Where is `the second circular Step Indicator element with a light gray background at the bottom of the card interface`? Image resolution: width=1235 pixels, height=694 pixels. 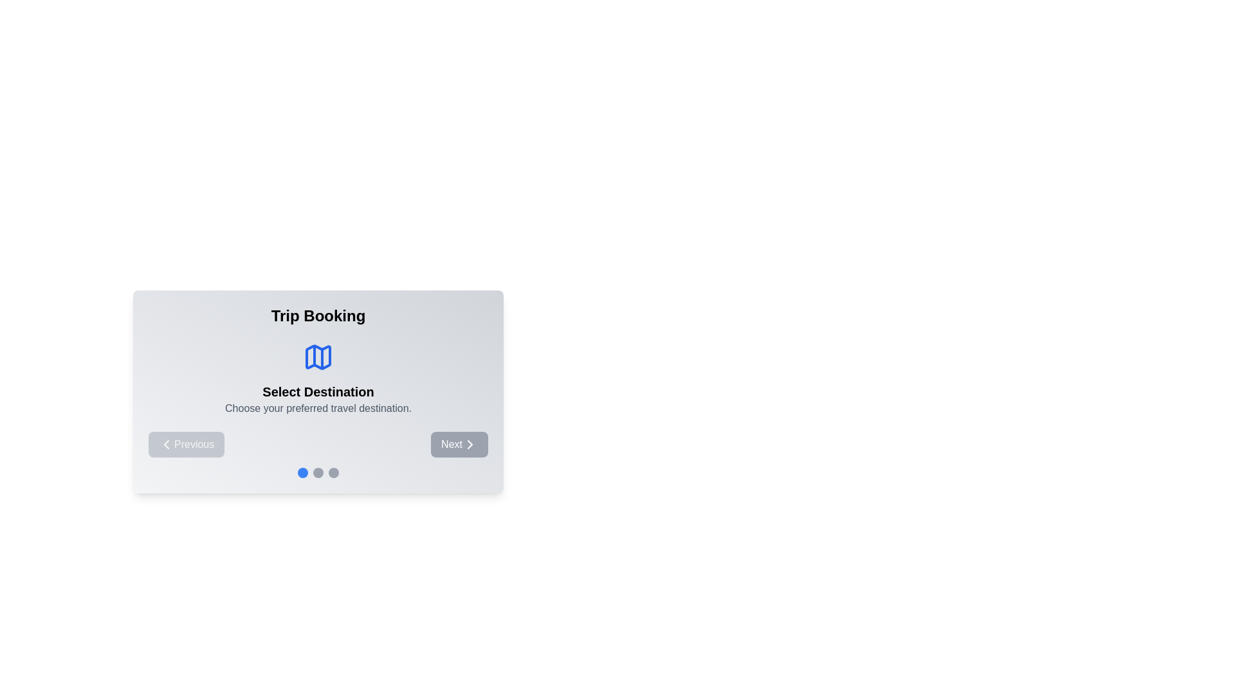 the second circular Step Indicator element with a light gray background at the bottom of the card interface is located at coordinates (318, 473).